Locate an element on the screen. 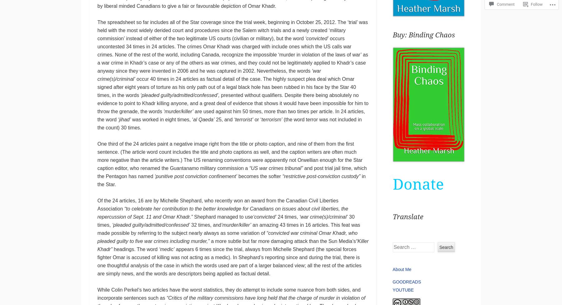 The image size is (562, 305). 'Shephard managed to use' is located at coordinates (222, 217).